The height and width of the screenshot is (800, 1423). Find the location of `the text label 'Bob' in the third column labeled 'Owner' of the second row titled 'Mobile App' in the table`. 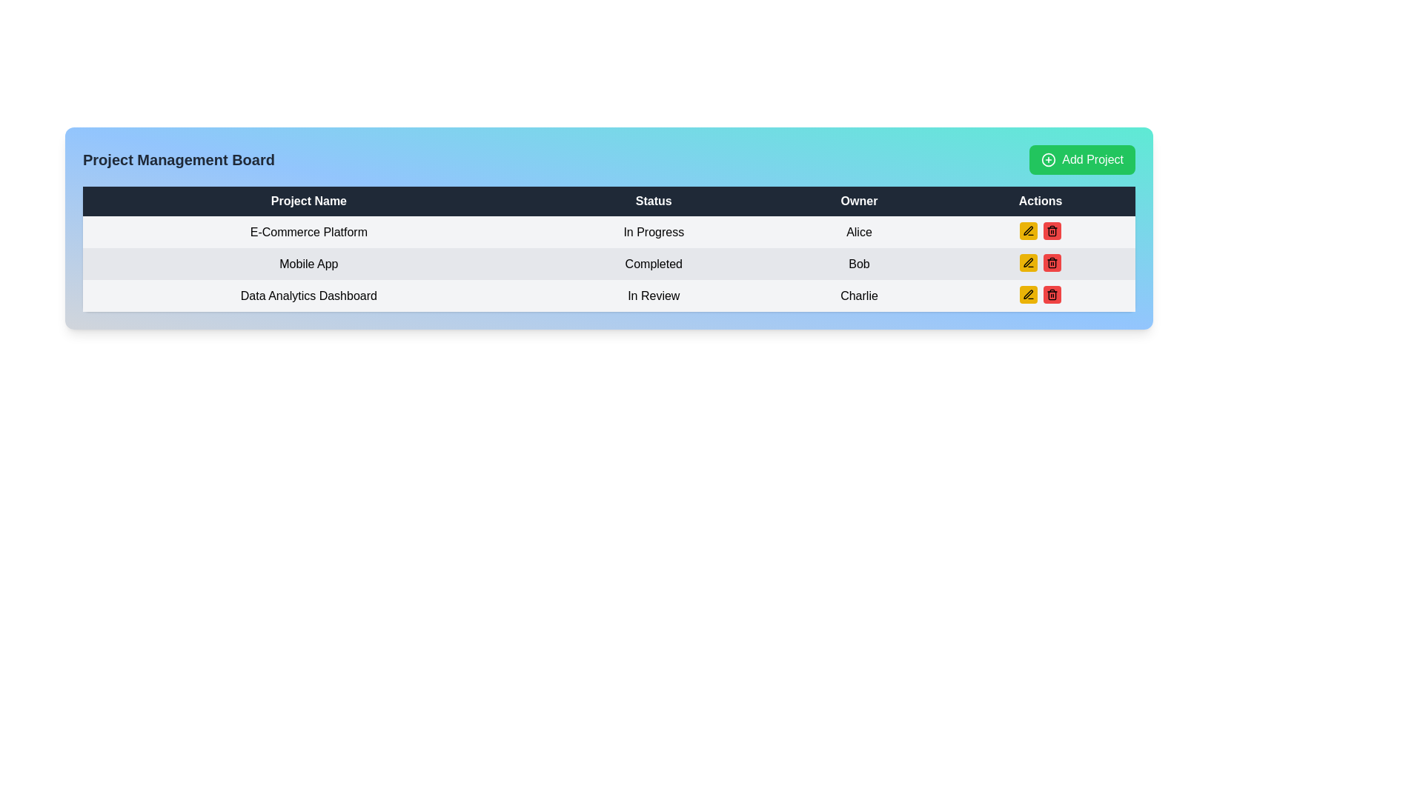

the text label 'Bob' in the third column labeled 'Owner' of the second row titled 'Mobile App' in the table is located at coordinates (859, 263).